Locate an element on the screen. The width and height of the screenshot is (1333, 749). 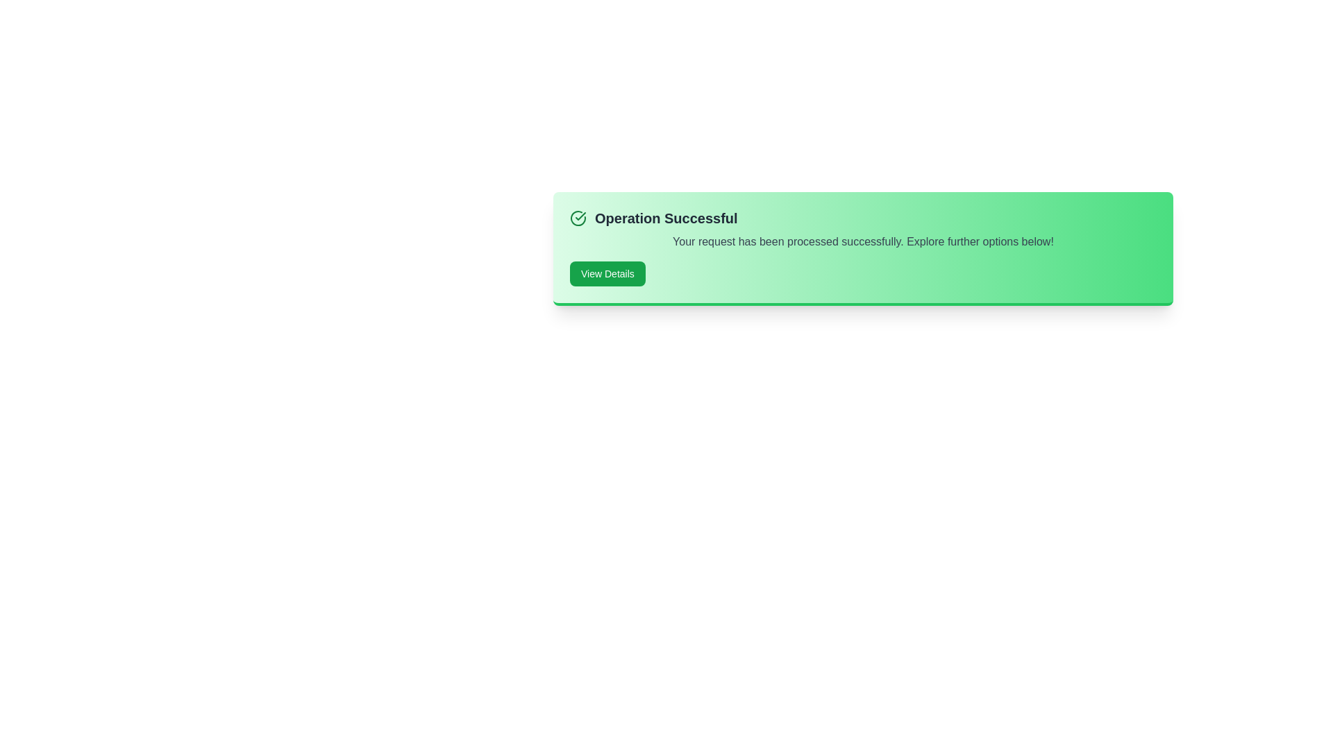
the 'View Details' button to proceed with the action is located at coordinates (607, 273).